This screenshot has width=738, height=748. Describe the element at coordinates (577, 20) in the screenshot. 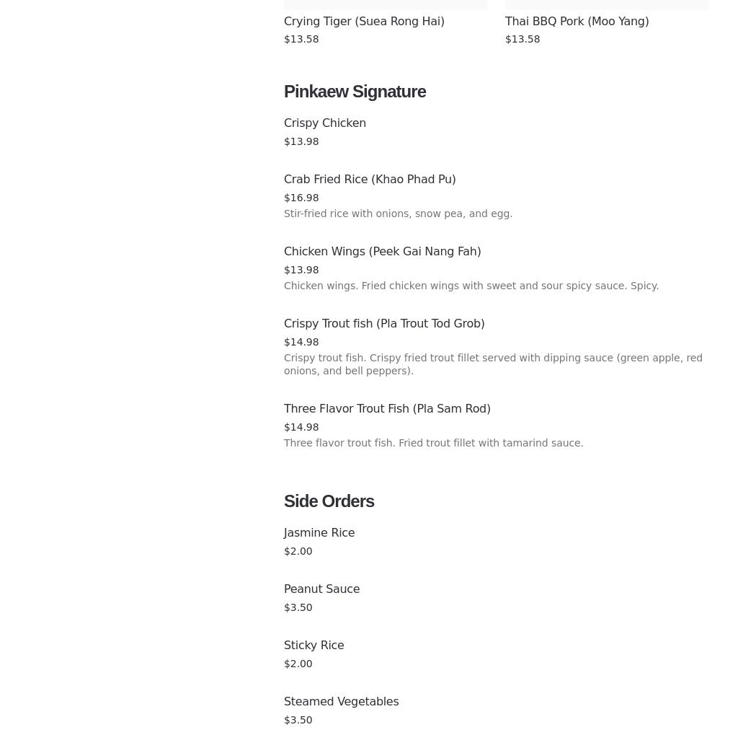

I see `'Thai BBQ Pork (Moo Yang)'` at that location.